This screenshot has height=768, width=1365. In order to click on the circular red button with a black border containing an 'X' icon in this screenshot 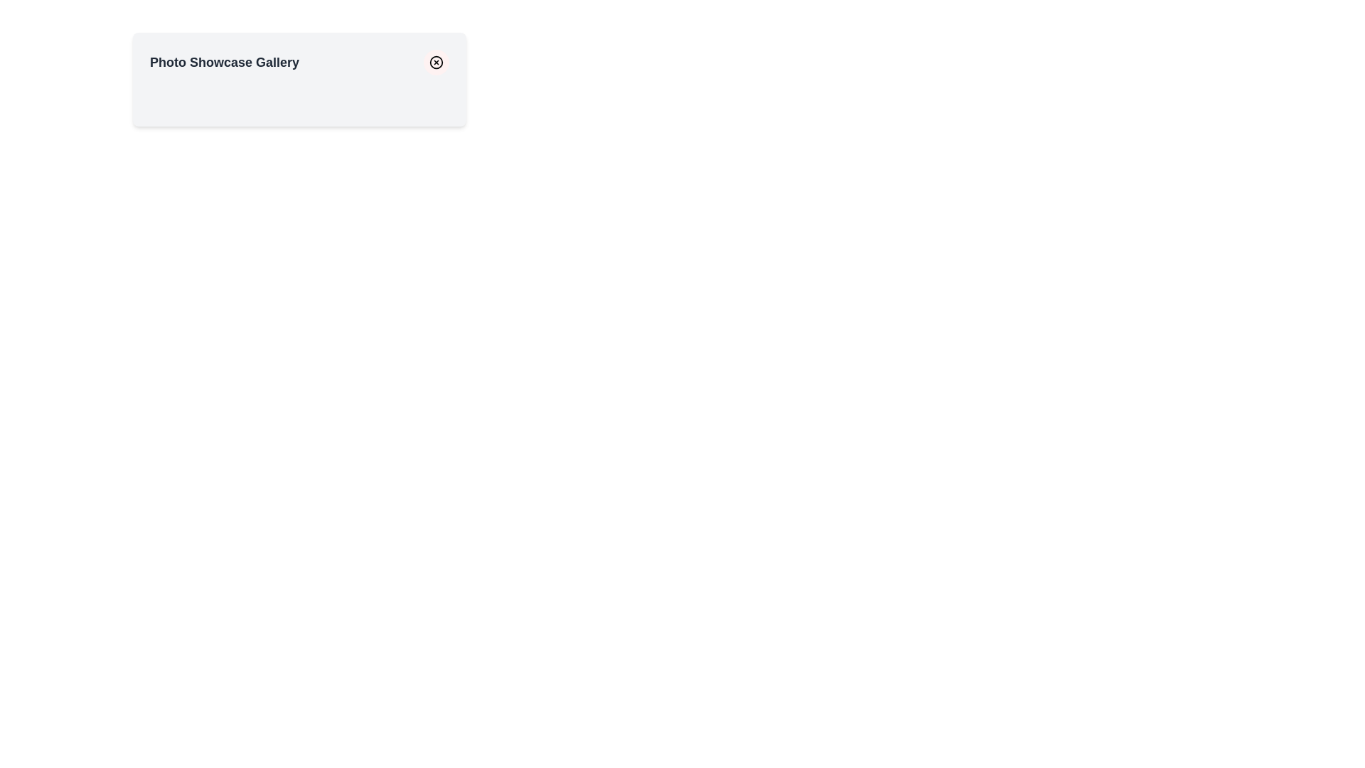, I will do `click(436, 62)`.